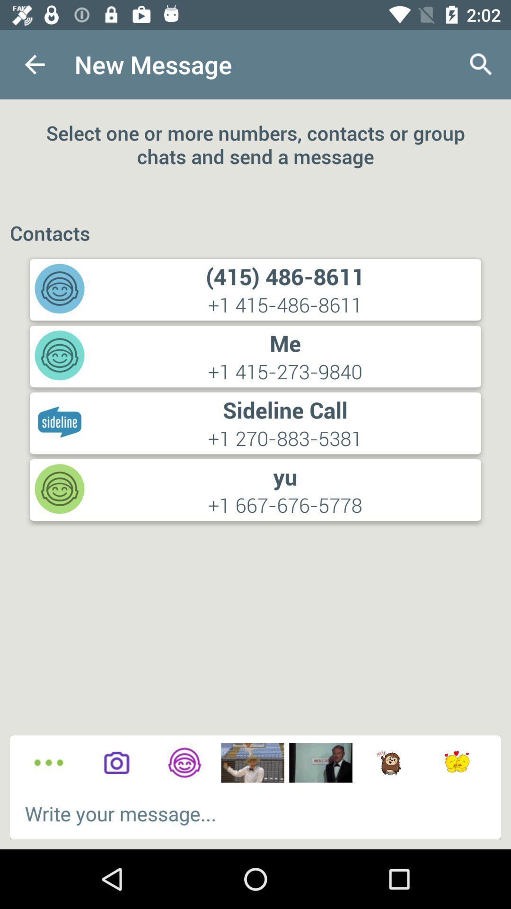 This screenshot has height=909, width=511. What do you see at coordinates (388, 763) in the screenshot?
I see `adds gifs or pictures by pressing on them in chats` at bounding box center [388, 763].